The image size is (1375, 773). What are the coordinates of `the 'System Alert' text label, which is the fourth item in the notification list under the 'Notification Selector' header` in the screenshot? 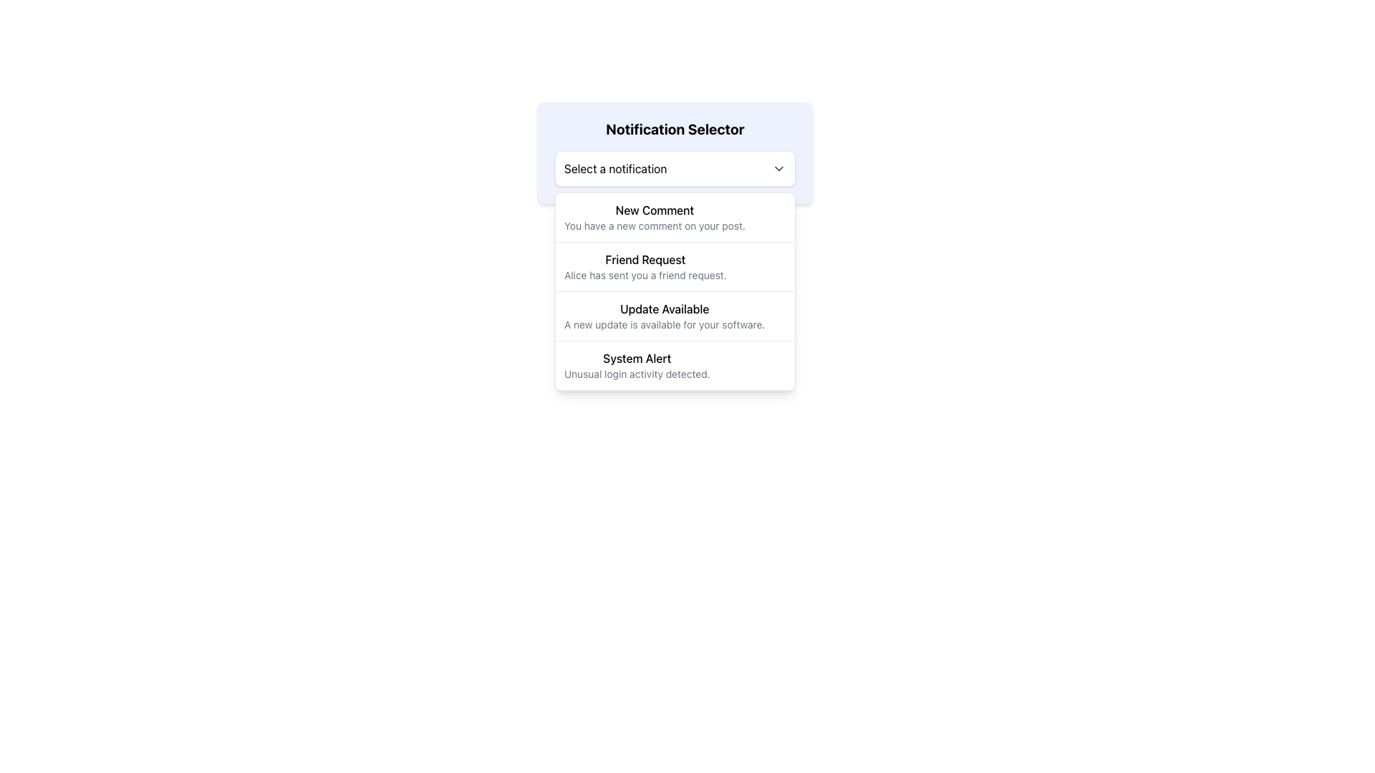 It's located at (636, 358).